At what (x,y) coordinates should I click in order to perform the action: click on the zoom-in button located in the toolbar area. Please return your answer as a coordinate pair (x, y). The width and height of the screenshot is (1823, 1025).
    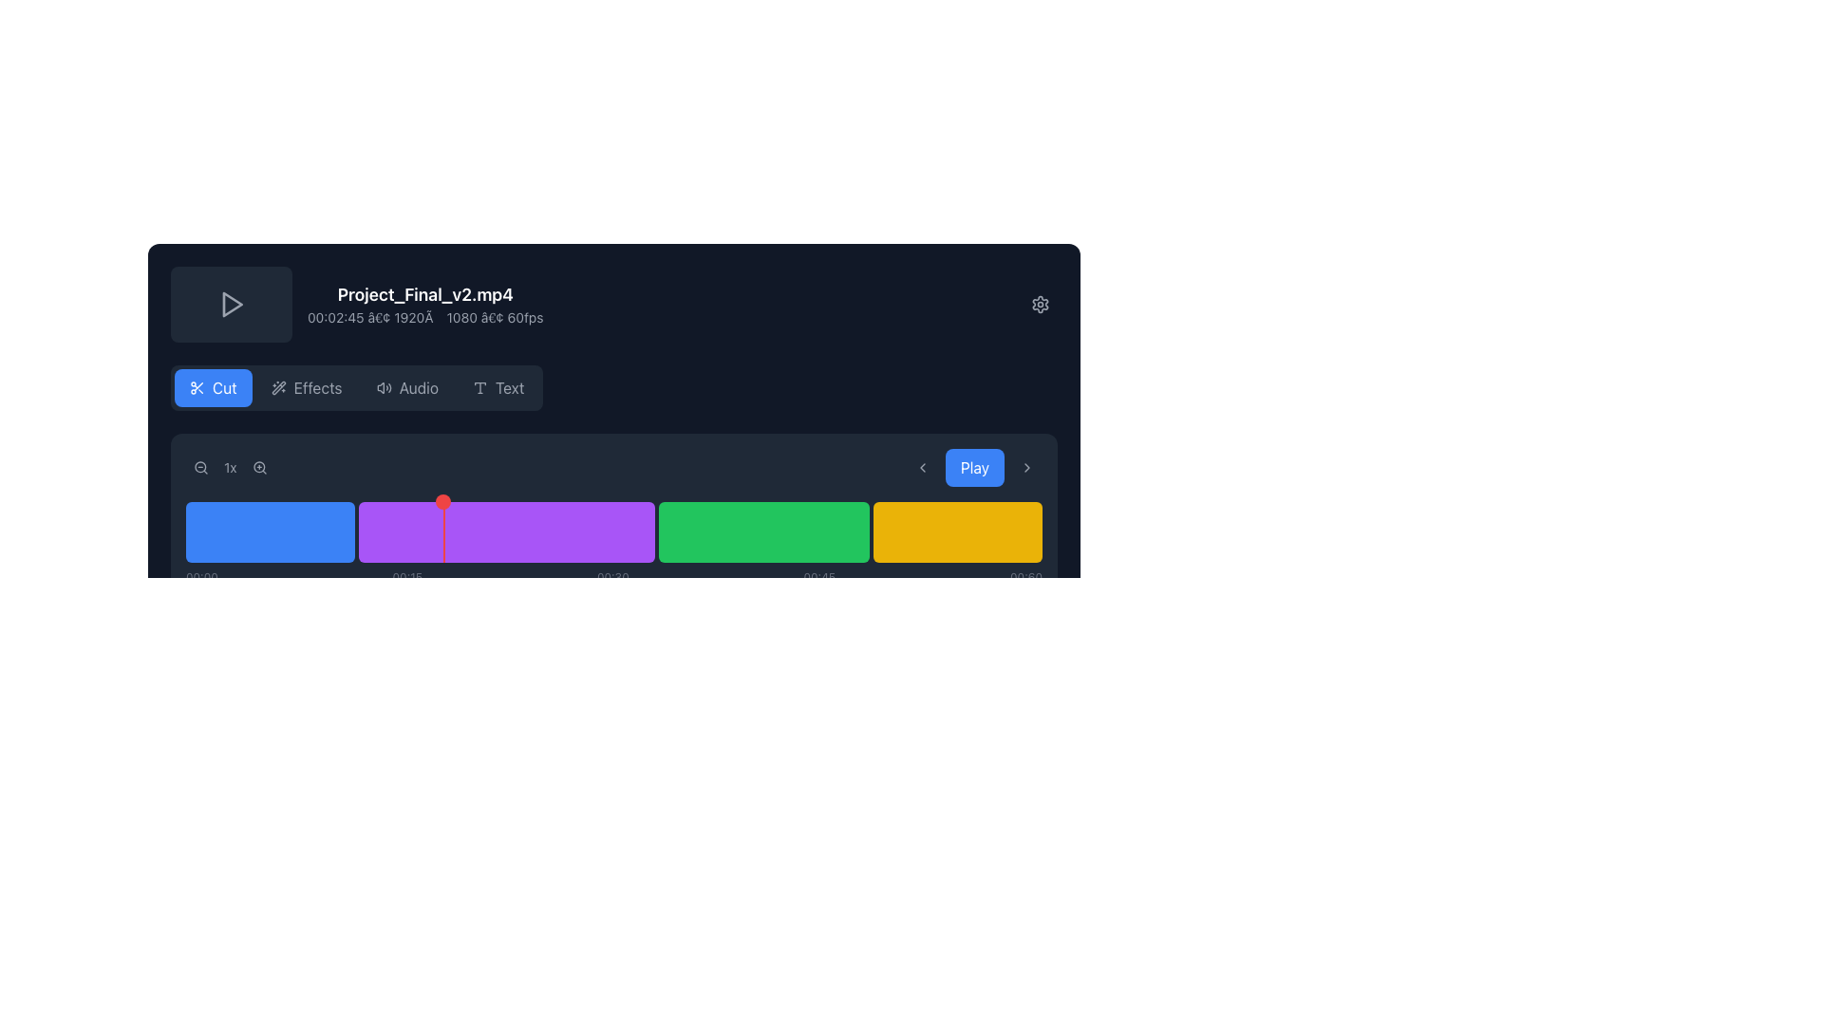
    Looking at the image, I should click on (258, 468).